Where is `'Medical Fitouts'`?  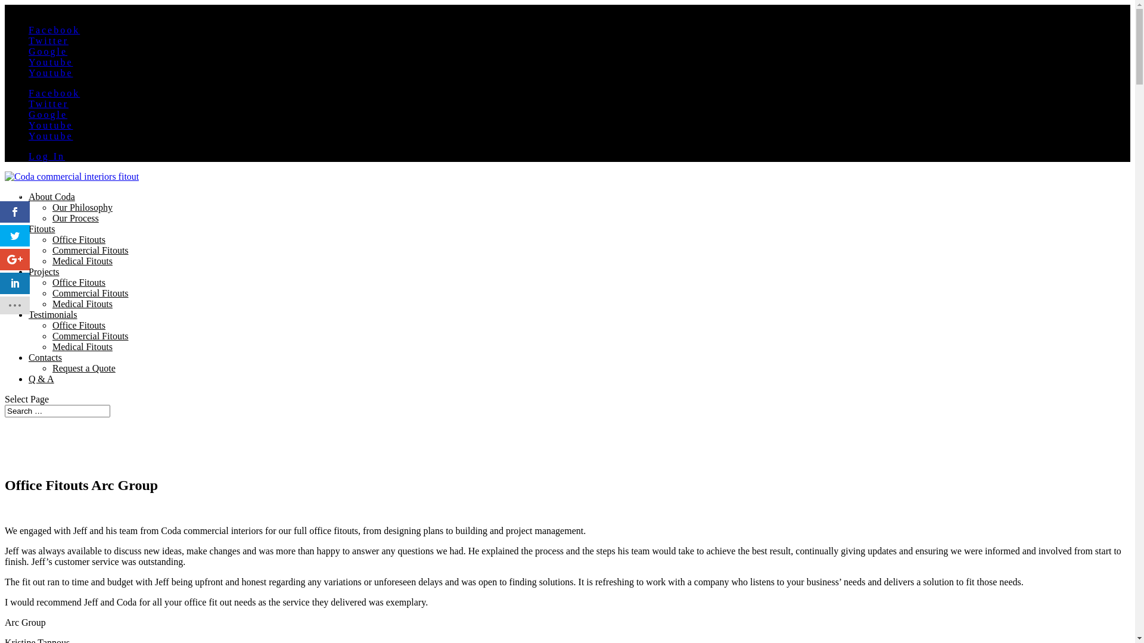
'Medical Fitouts' is located at coordinates (51, 303).